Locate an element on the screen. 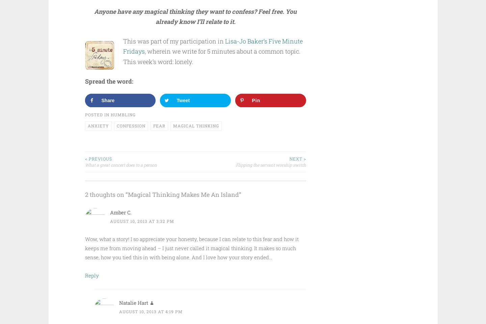  'confession' is located at coordinates (116, 125).